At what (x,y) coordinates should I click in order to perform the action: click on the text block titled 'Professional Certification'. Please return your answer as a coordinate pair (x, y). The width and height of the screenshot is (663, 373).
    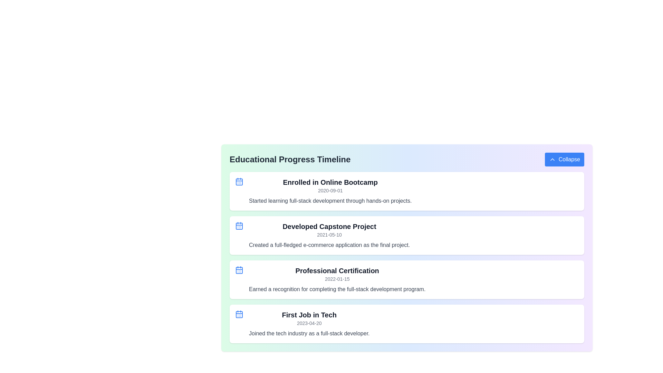
    Looking at the image, I should click on (337, 280).